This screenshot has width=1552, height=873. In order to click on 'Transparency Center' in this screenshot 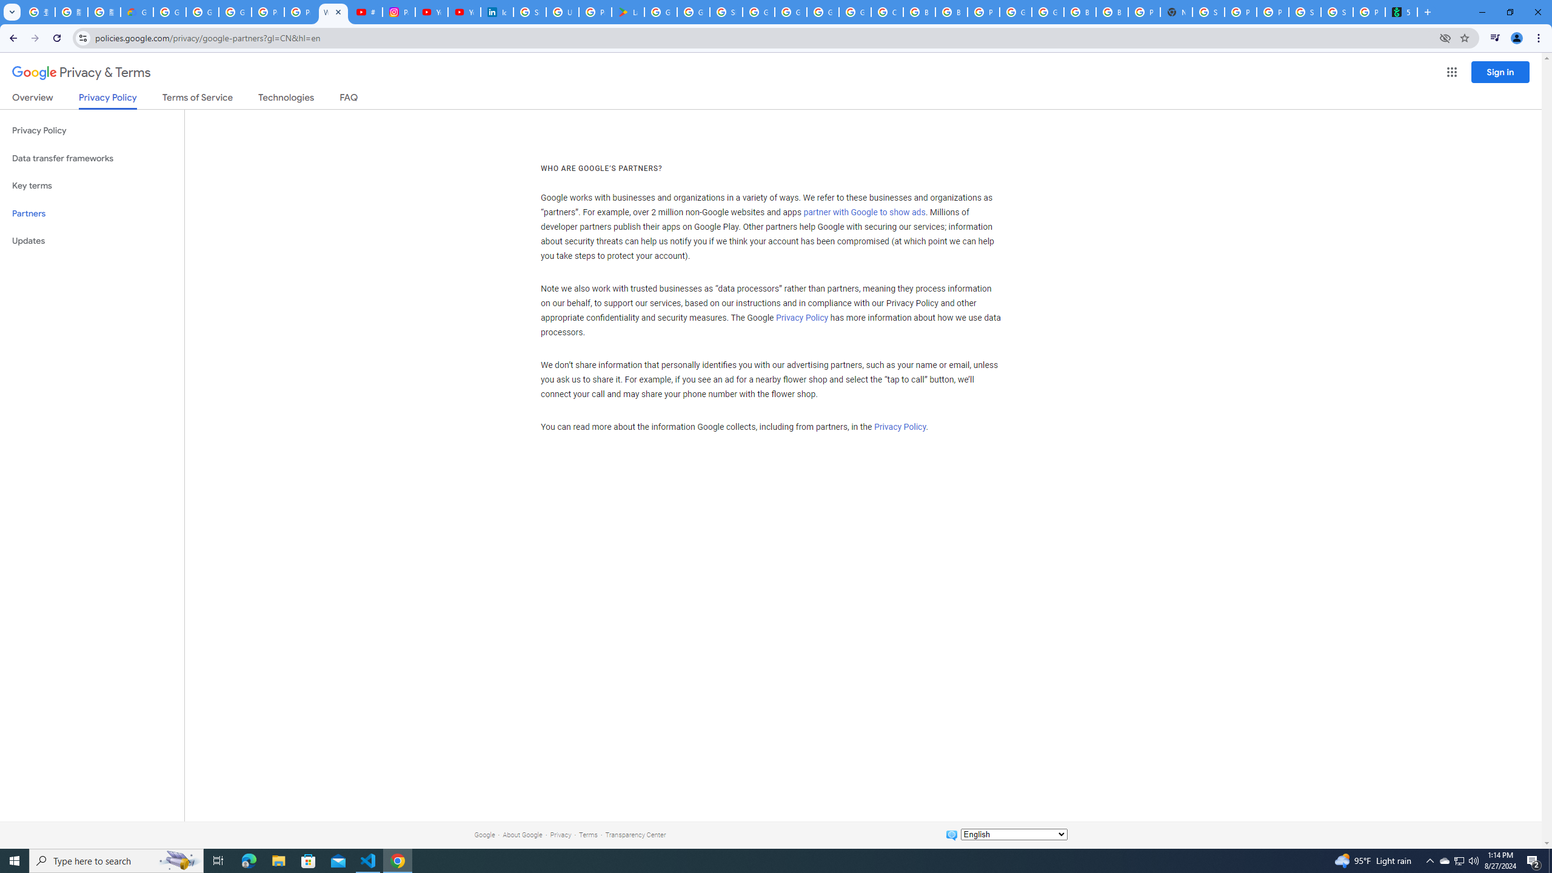, I will do `click(635, 834)`.